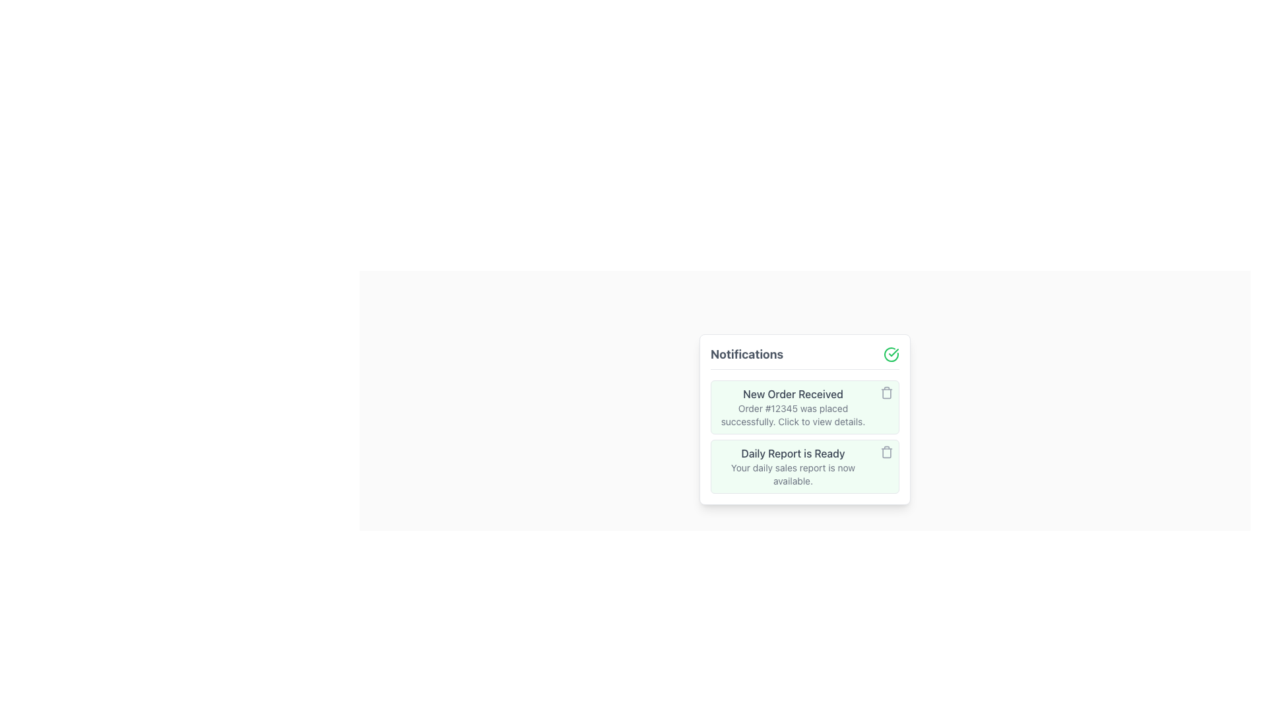 The width and height of the screenshot is (1267, 712). What do you see at coordinates (792, 393) in the screenshot?
I see `the headline text element that alerts the user about a new order in the notification panel, positioned at the top-left corner of the notification item` at bounding box center [792, 393].